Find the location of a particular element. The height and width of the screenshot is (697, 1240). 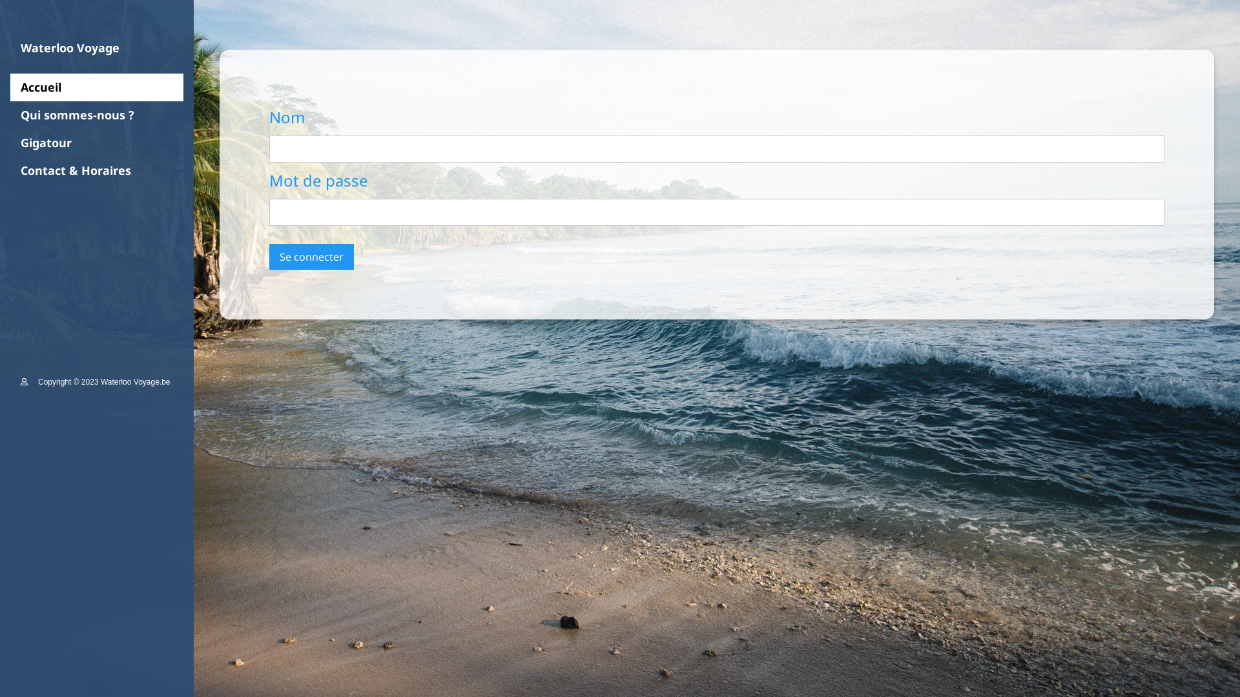

'Se connecter' is located at coordinates (269, 256).